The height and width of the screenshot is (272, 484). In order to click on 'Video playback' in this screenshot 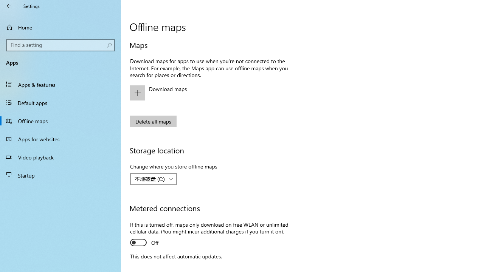, I will do `click(60, 156)`.